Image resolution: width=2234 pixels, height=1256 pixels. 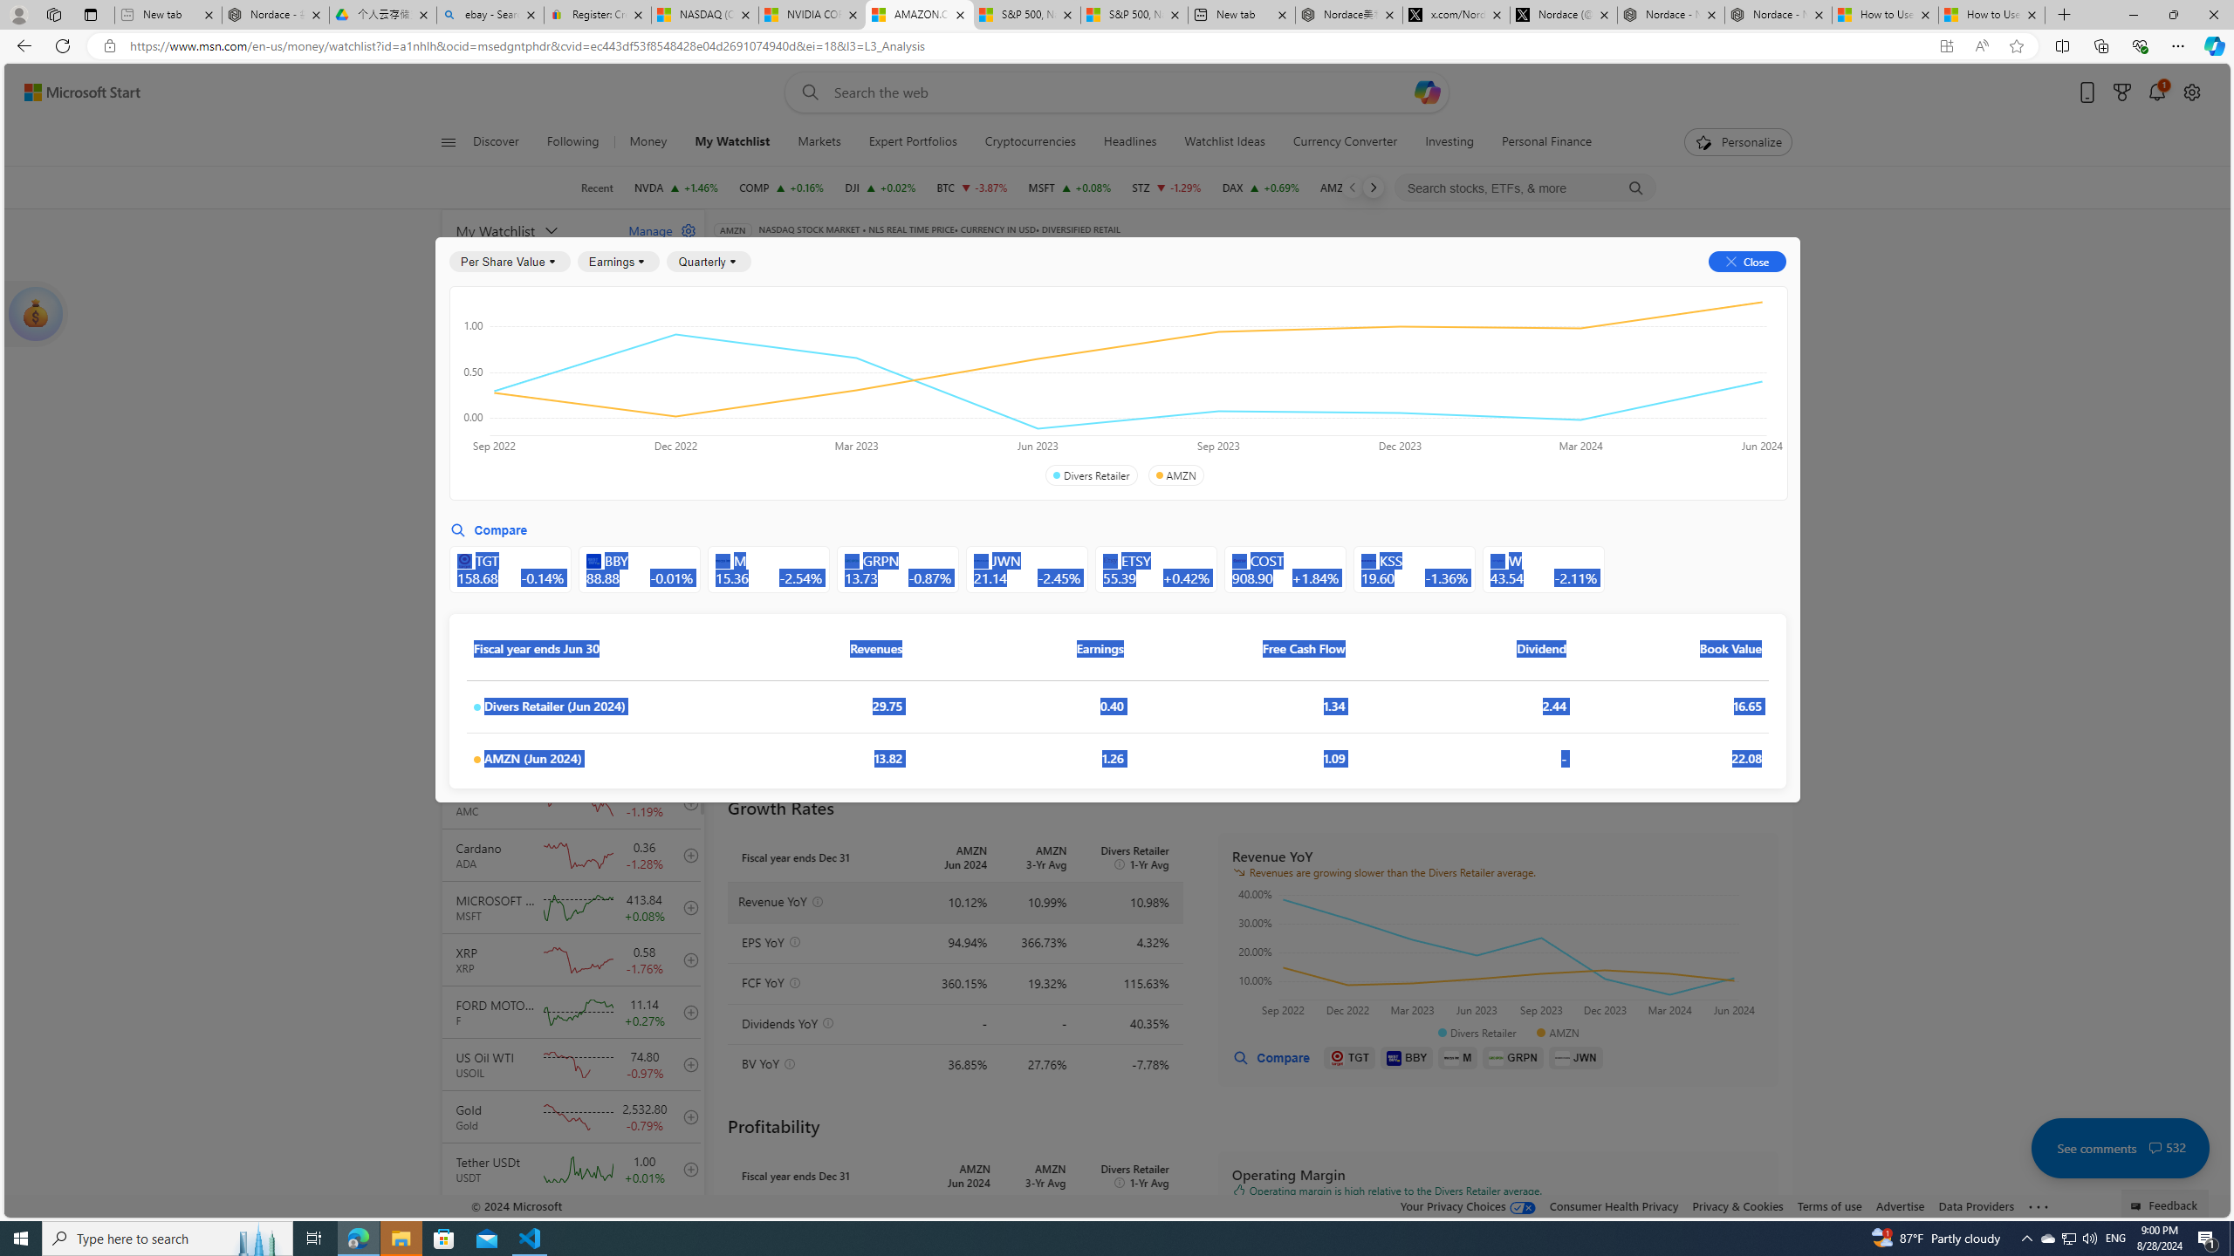 I want to click on 'show card', so click(x=35, y=314).